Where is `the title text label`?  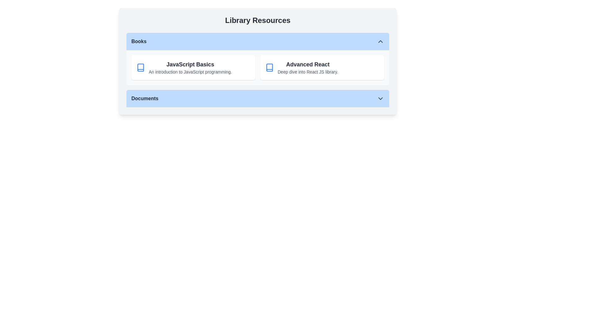 the title text label is located at coordinates (308, 65).